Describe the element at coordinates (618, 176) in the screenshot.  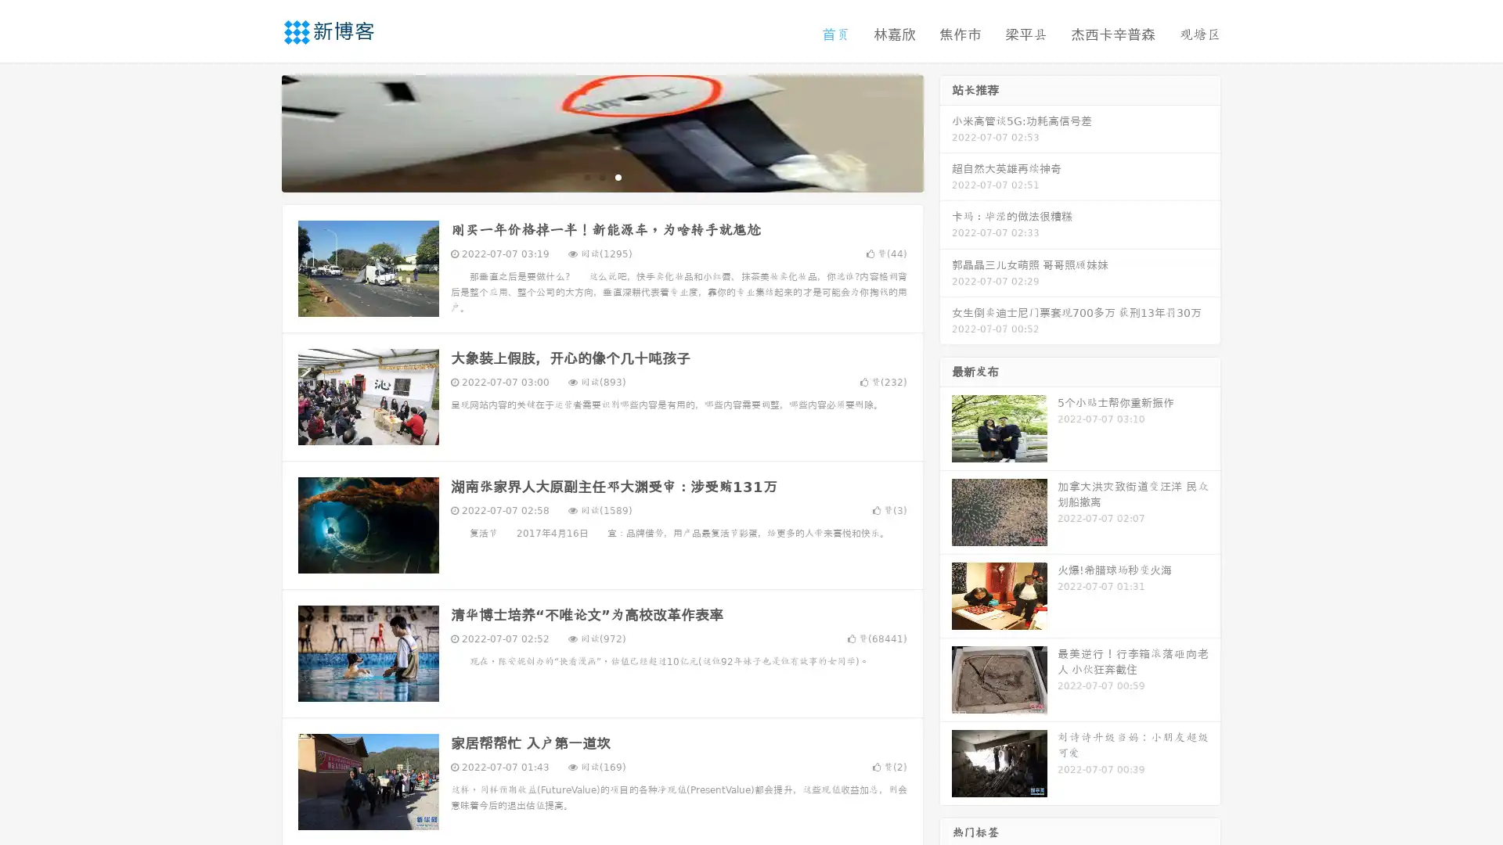
I see `Go to slide 3` at that location.